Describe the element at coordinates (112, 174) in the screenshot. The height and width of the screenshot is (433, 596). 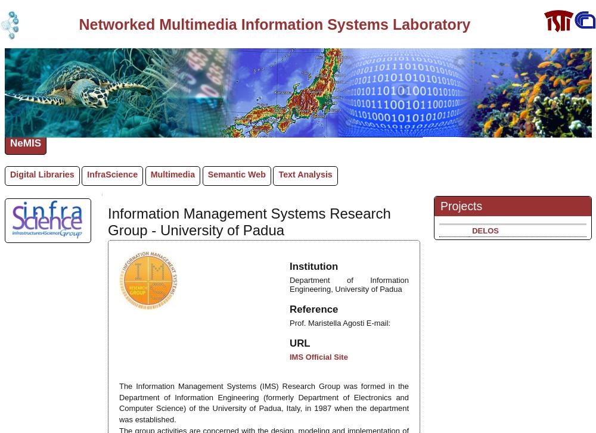
I see `'InfraScience'` at that location.